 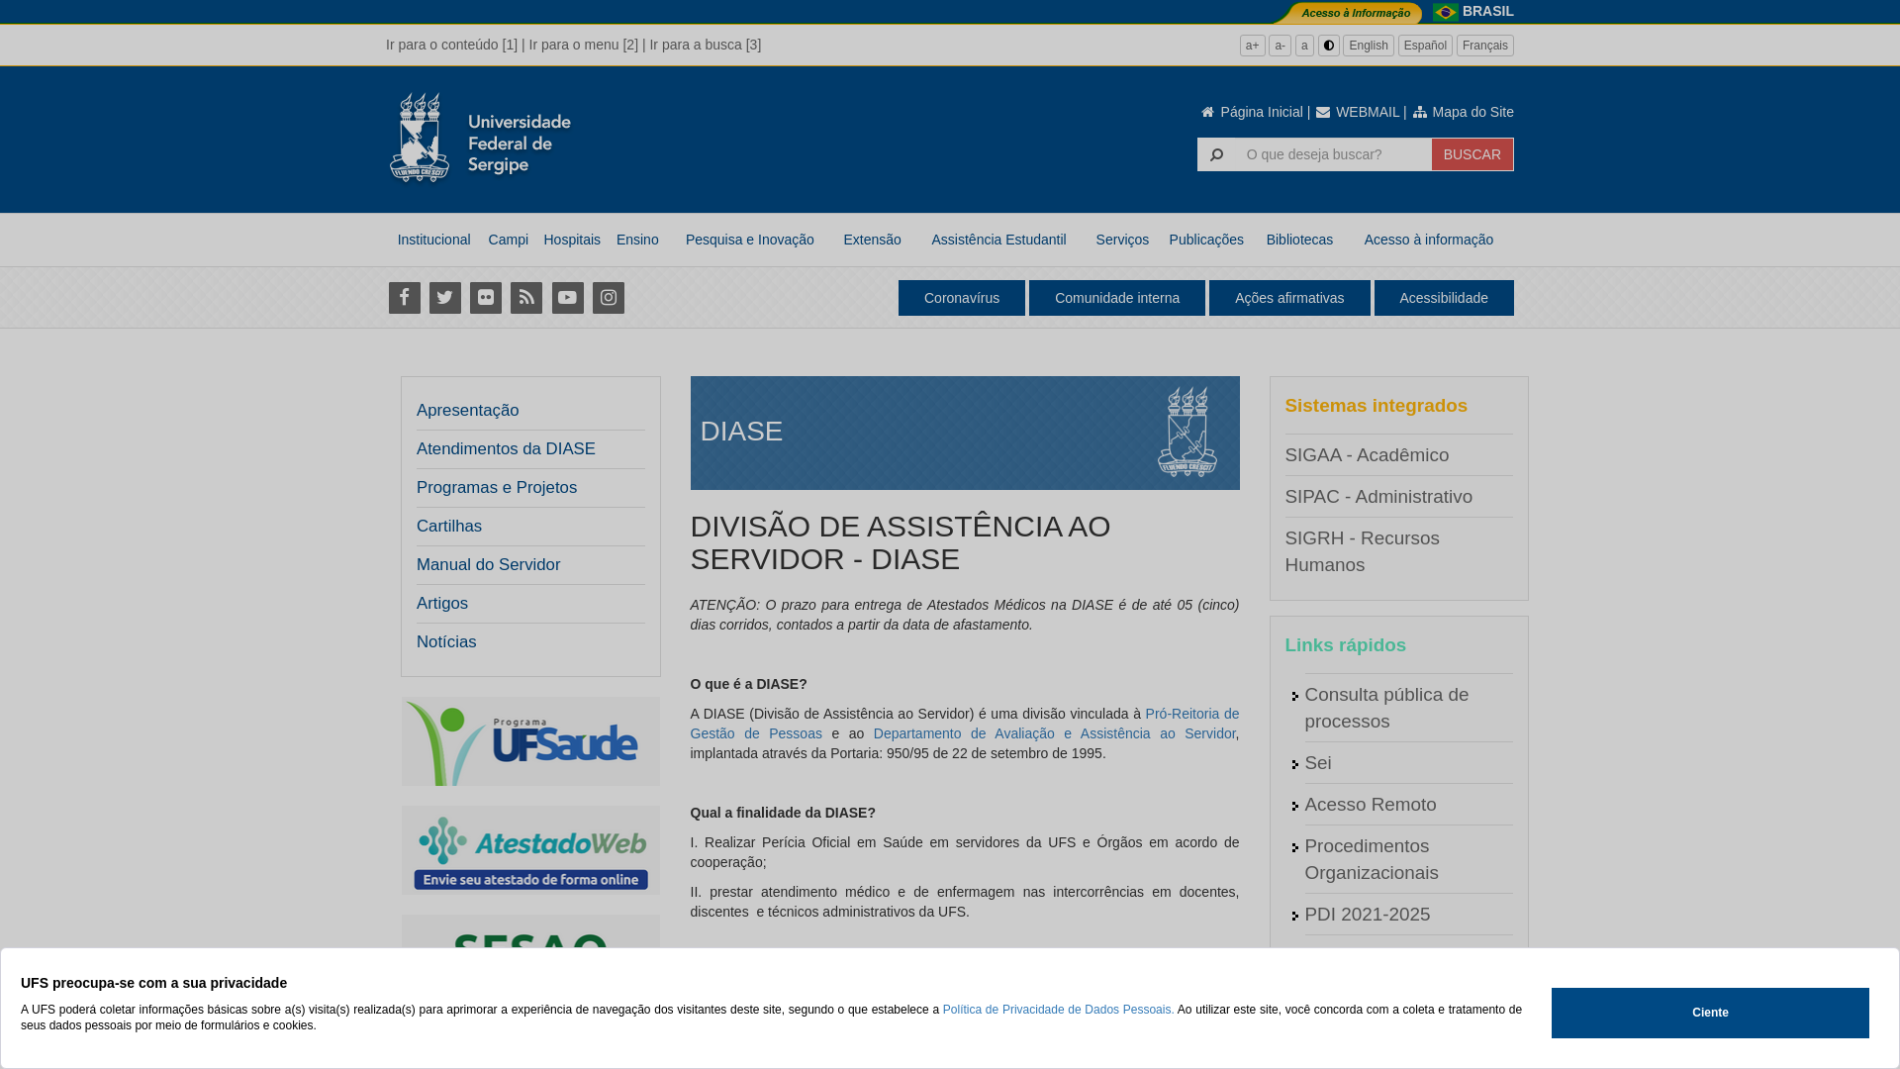 What do you see at coordinates (570, 239) in the screenshot?
I see `'Hospitais'` at bounding box center [570, 239].